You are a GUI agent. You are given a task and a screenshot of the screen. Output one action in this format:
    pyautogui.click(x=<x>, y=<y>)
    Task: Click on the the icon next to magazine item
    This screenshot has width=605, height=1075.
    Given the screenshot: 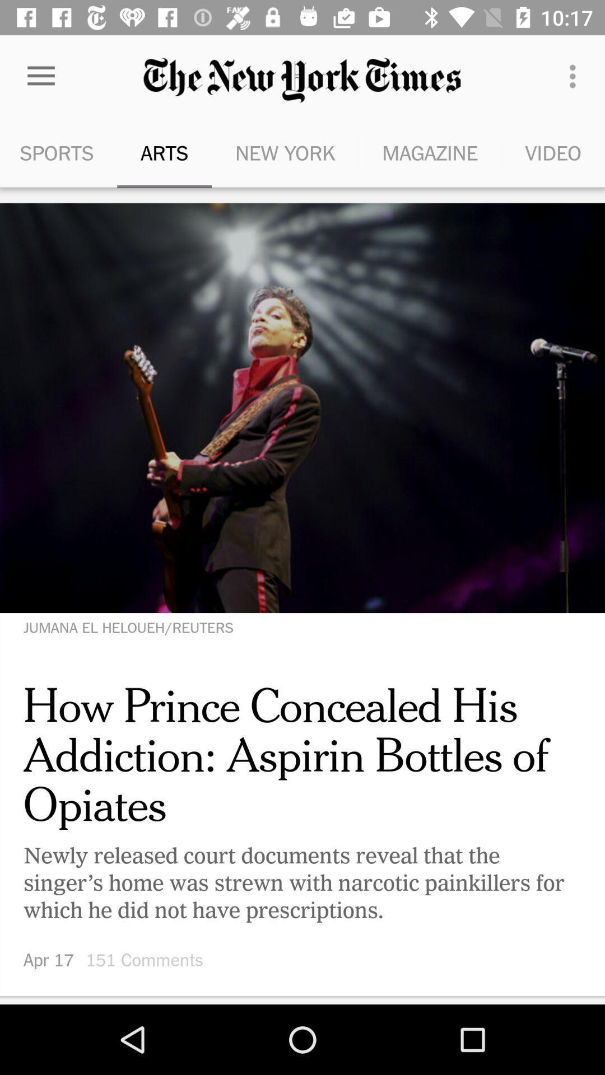 What is the action you would take?
    pyautogui.click(x=285, y=152)
    